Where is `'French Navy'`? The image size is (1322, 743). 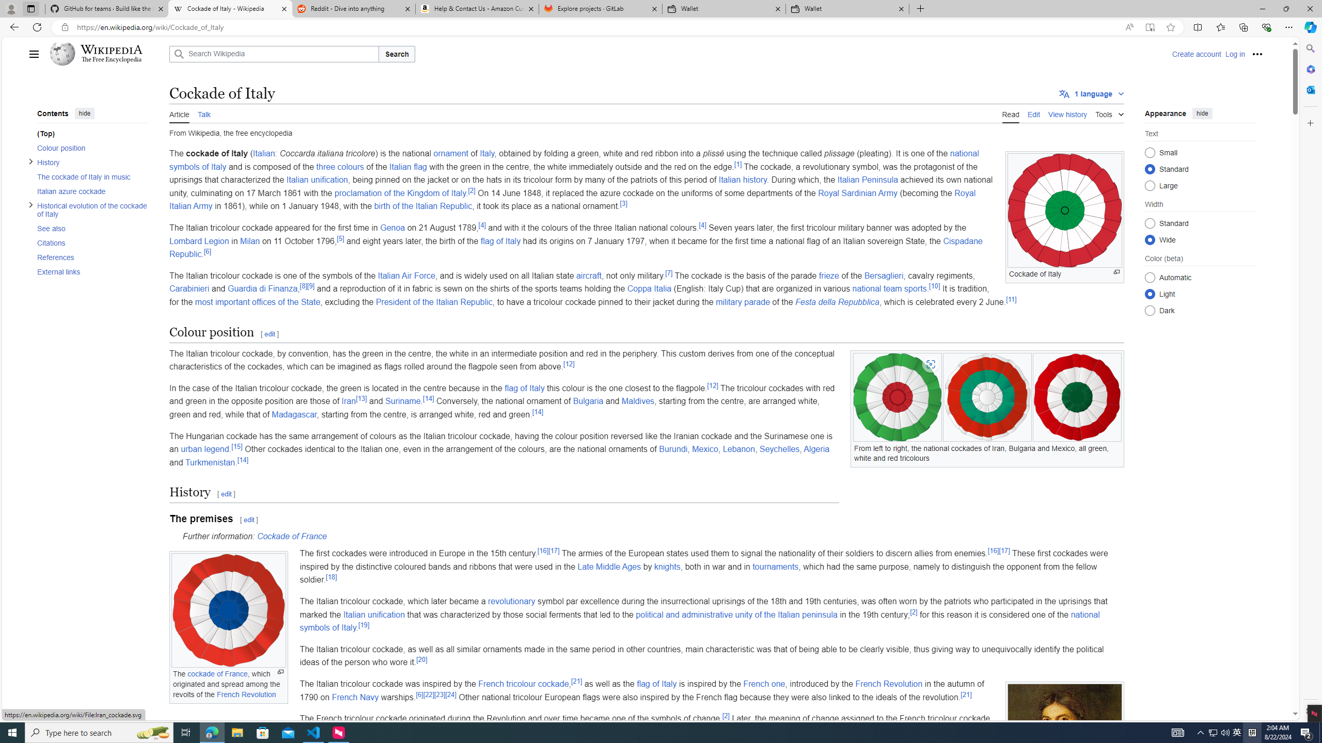
'French Navy' is located at coordinates (355, 696).